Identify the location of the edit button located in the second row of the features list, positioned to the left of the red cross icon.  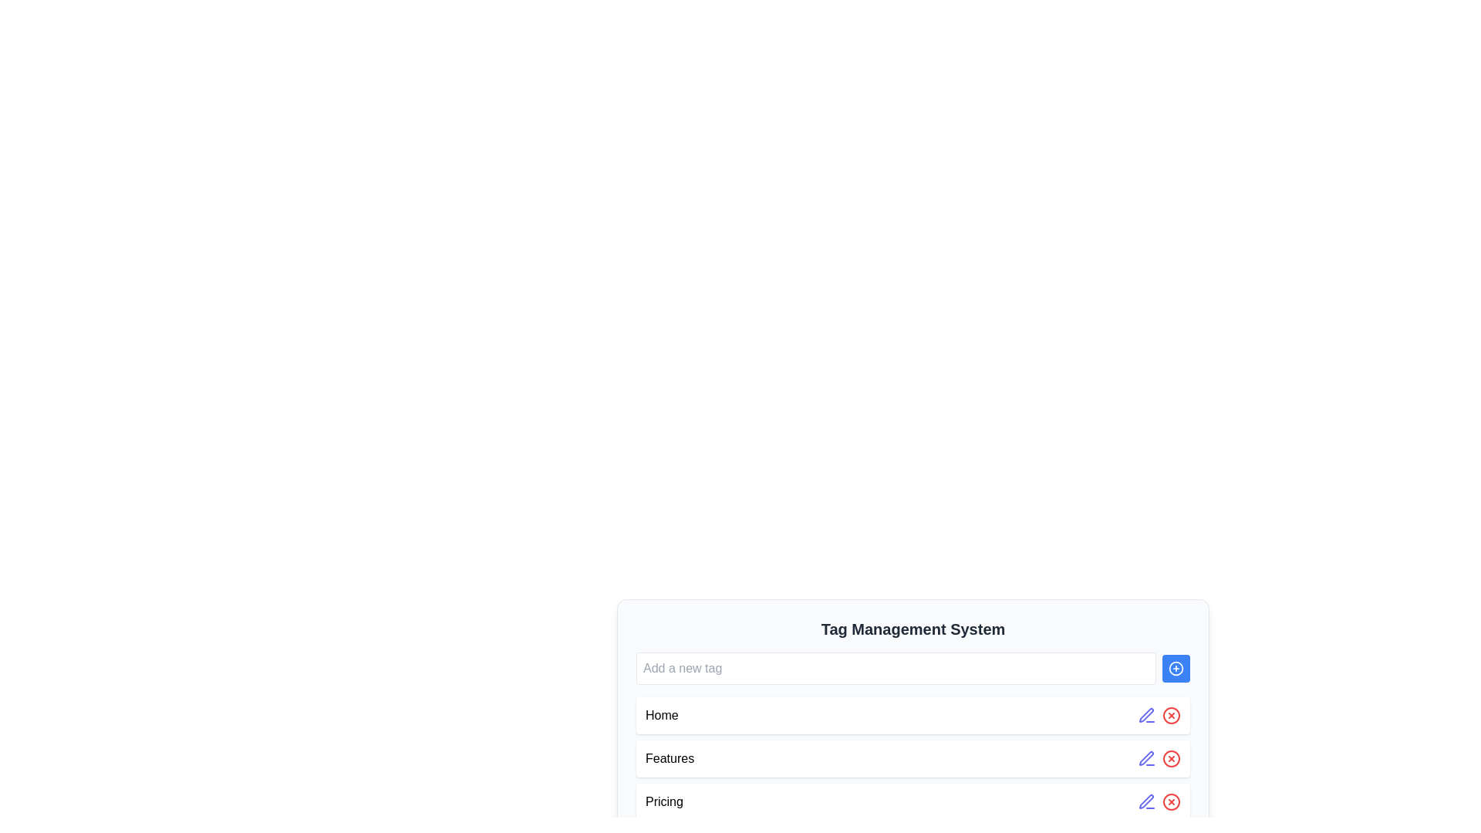
(1147, 716).